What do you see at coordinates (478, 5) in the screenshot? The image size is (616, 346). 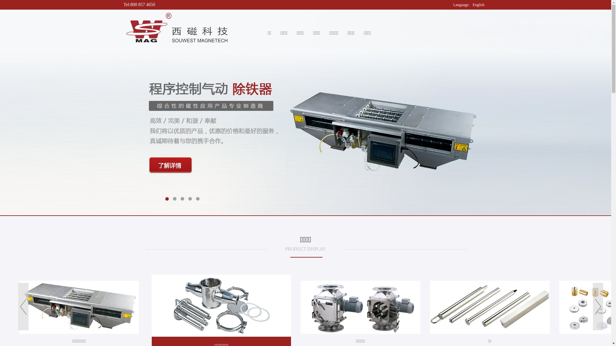 I see `'English'` at bounding box center [478, 5].